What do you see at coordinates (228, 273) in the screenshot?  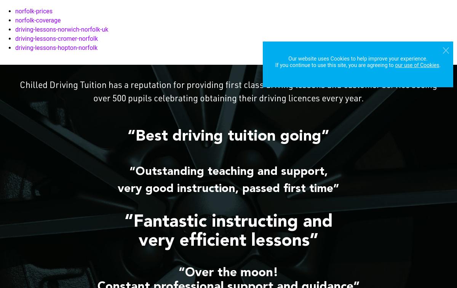 I see `'“Over the moon!'` at bounding box center [228, 273].